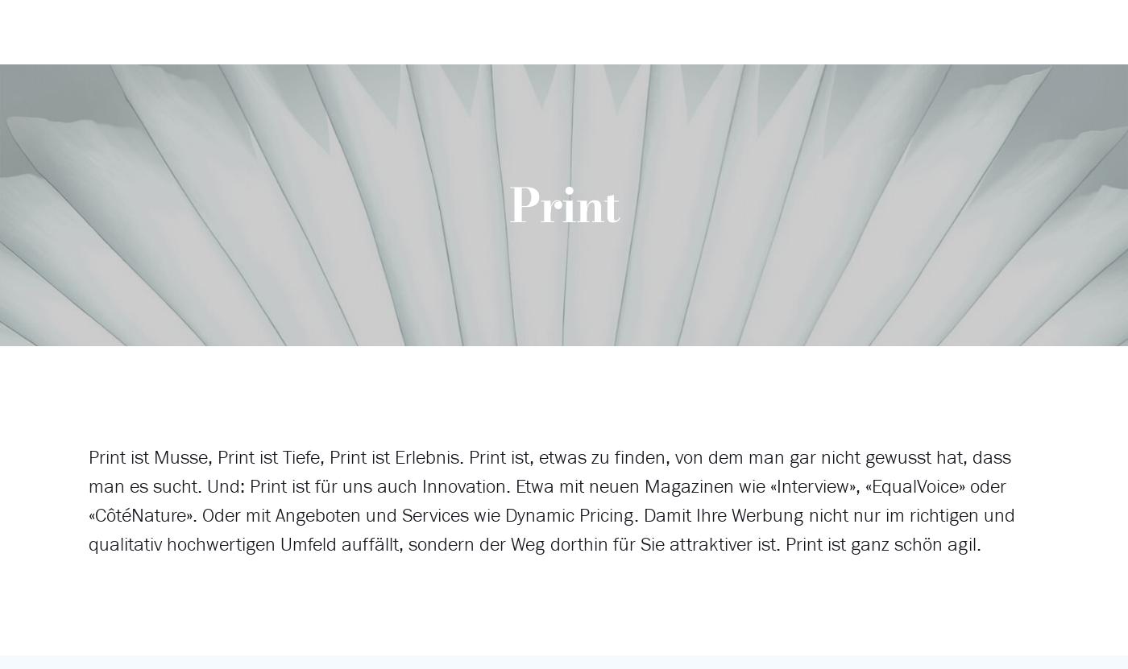 Image resolution: width=1128 pixels, height=669 pixels. What do you see at coordinates (788, 140) in the screenshot?
I see `'Kontakt'` at bounding box center [788, 140].